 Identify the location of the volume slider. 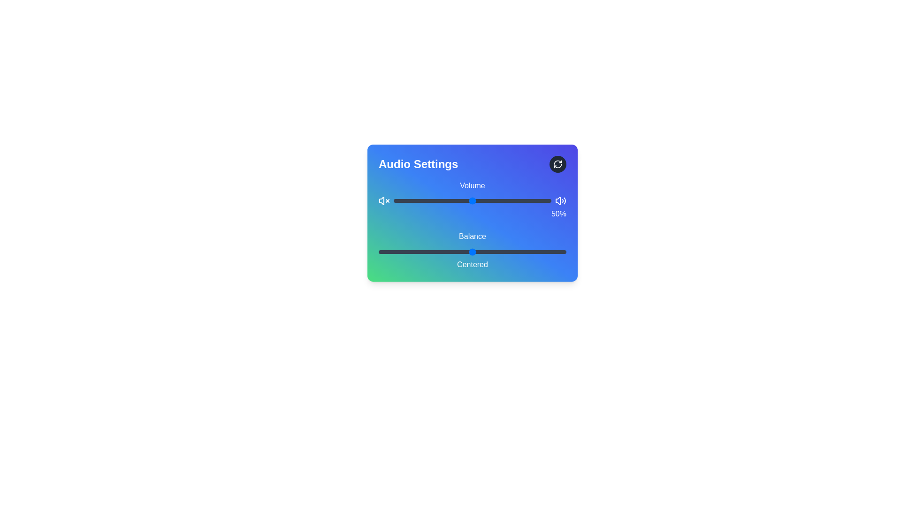
(440, 200).